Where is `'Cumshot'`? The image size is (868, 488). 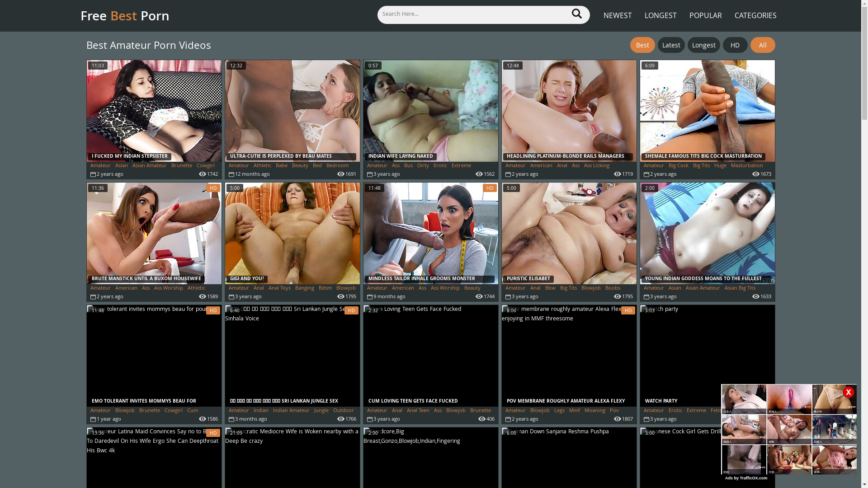
'Cumshot' is located at coordinates (90, 418).